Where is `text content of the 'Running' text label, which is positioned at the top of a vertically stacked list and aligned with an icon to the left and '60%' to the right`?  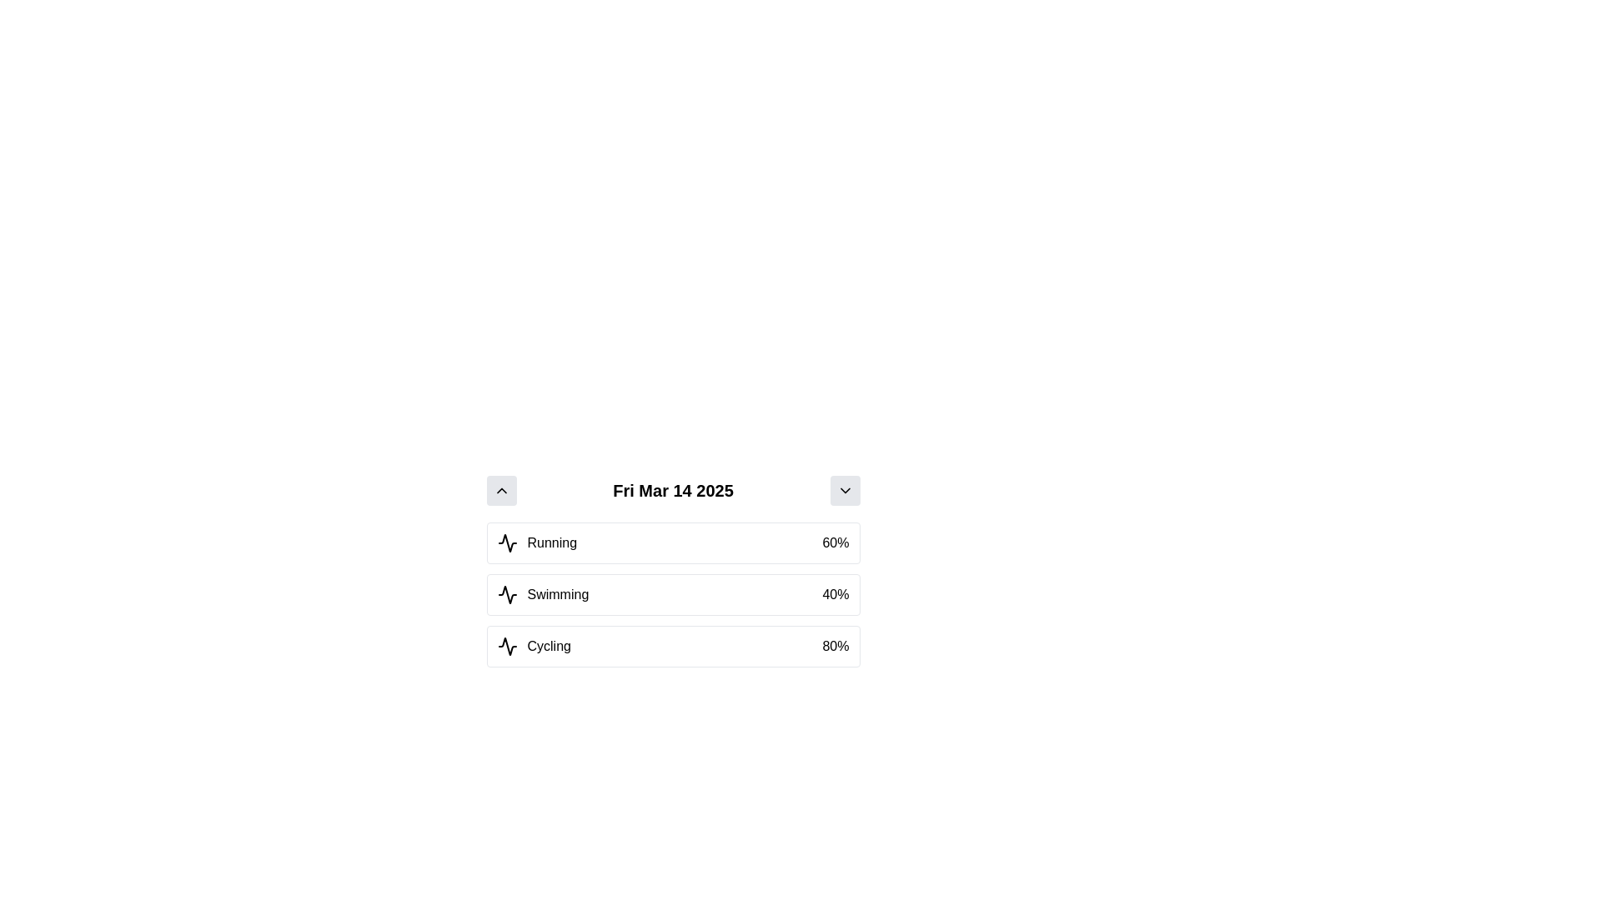
text content of the 'Running' text label, which is positioned at the top of a vertically stacked list and aligned with an icon to the left and '60%' to the right is located at coordinates (537, 542).